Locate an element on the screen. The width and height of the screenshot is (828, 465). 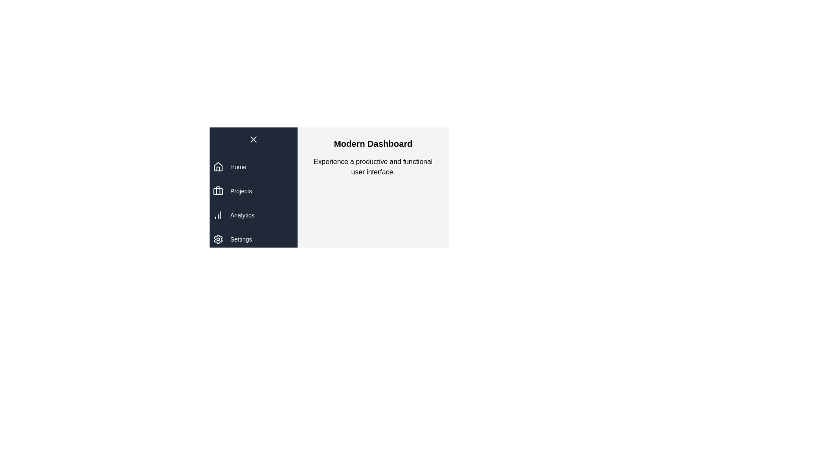
the navigation item Settings to observe its hover effect is located at coordinates (253, 239).